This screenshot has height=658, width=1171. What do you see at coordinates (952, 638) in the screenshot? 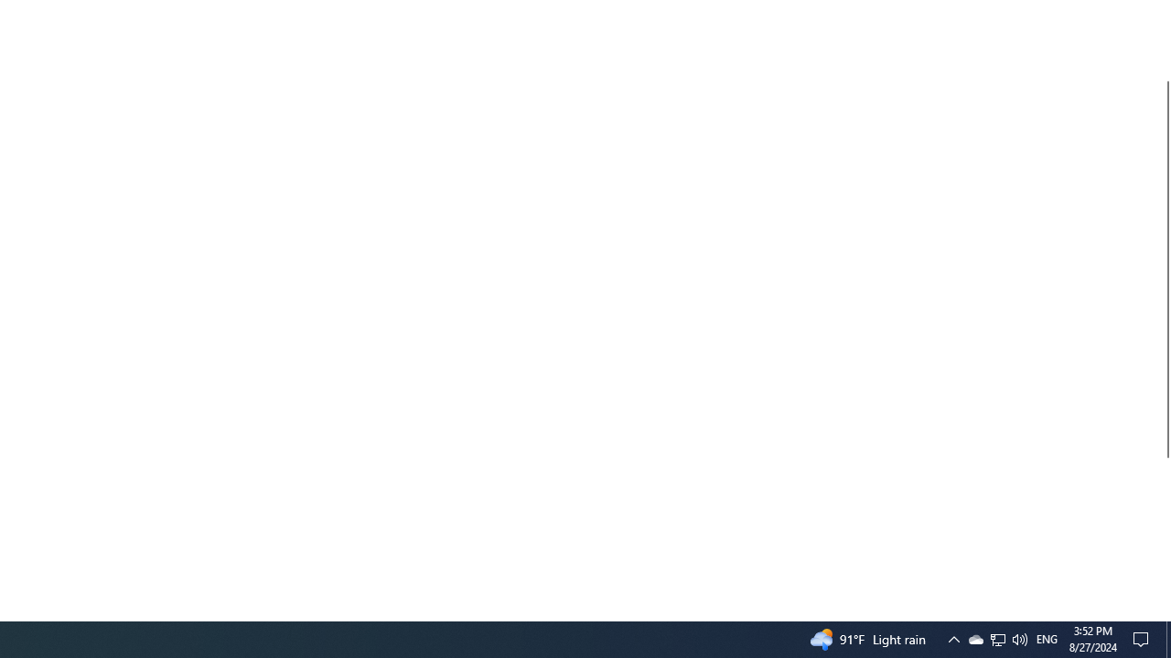
I see `'Notification Chevron'` at bounding box center [952, 638].